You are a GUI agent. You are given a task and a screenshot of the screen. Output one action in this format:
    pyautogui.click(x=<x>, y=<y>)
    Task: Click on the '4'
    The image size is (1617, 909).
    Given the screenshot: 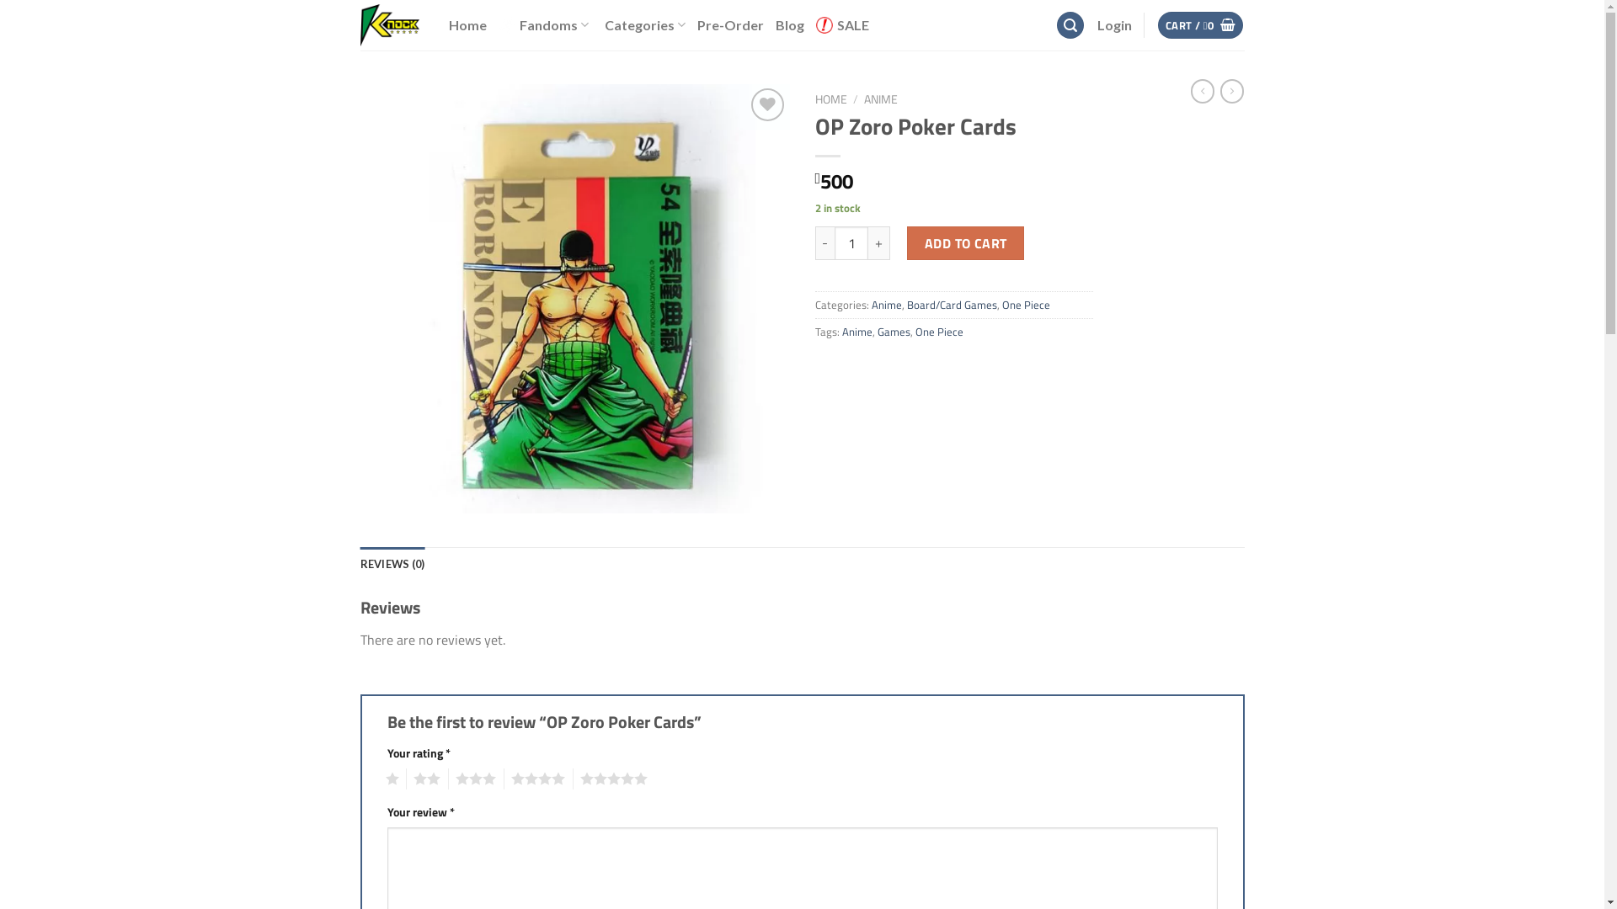 What is the action you would take?
    pyautogui.click(x=533, y=779)
    